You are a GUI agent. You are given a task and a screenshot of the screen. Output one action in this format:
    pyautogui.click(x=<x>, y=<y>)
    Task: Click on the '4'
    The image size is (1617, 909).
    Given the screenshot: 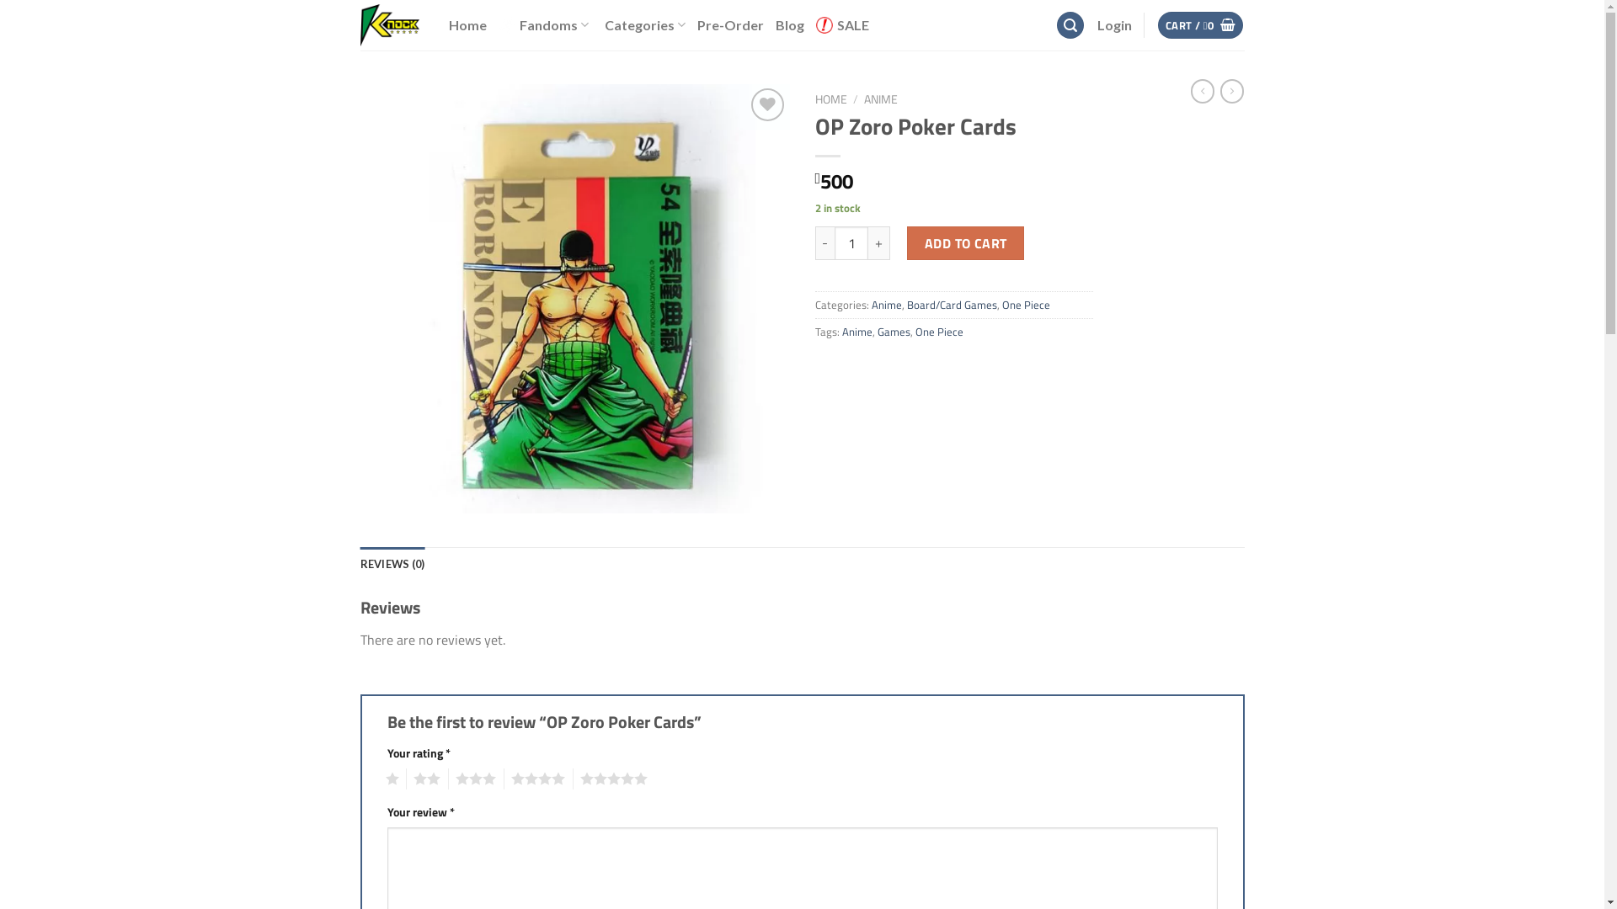 What is the action you would take?
    pyautogui.click(x=533, y=779)
    